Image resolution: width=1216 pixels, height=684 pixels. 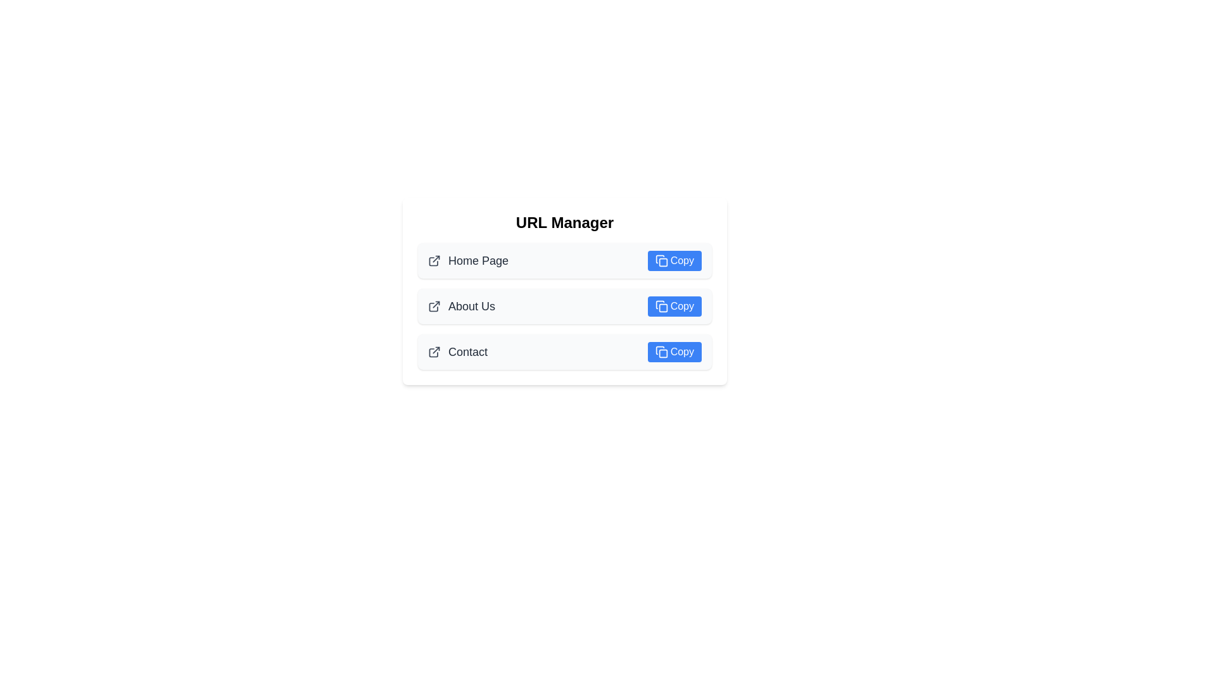 What do you see at coordinates (433, 307) in the screenshot?
I see `the SVG-based graphic icon representing a folder, located to the left of the 'About Us' label in the second row of icons` at bounding box center [433, 307].